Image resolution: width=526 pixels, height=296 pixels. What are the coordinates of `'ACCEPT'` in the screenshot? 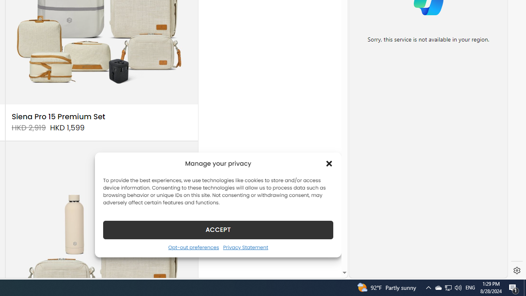 It's located at (218, 229).